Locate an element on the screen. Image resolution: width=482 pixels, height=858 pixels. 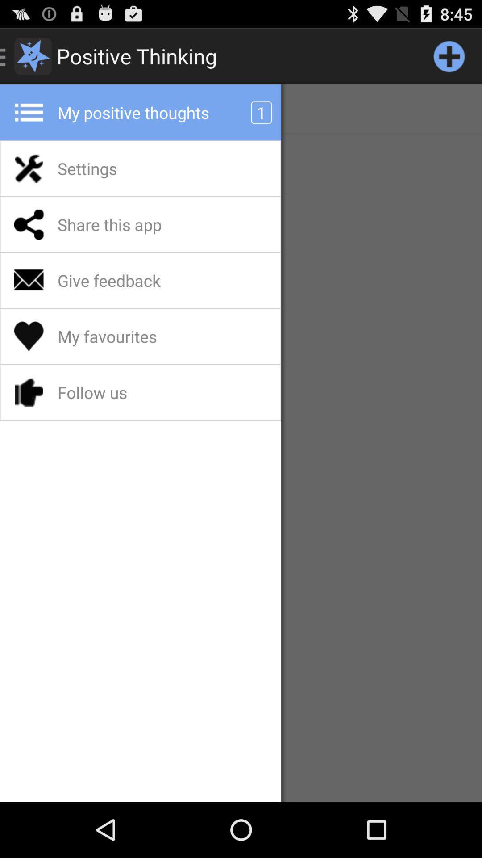
item to the right of my positive thoughts is located at coordinates (449, 55).